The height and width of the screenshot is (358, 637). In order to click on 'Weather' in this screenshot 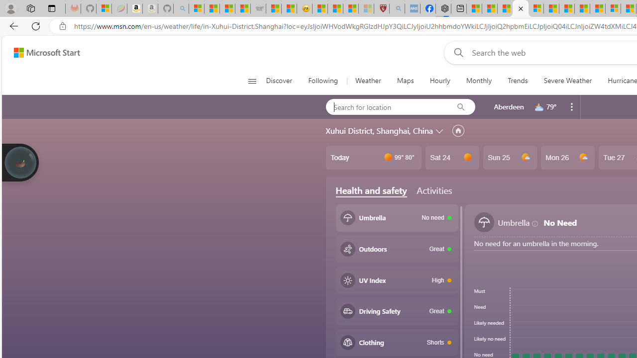, I will do `click(367, 81)`.